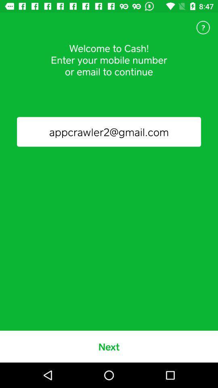 This screenshot has height=388, width=218. What do you see at coordinates (109, 132) in the screenshot?
I see `the appcrawler2@gmail.com icon` at bounding box center [109, 132].